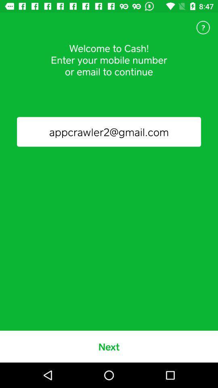 This screenshot has height=388, width=218. What do you see at coordinates (109, 132) in the screenshot?
I see `the appcrawler2@gmail.com icon` at bounding box center [109, 132].